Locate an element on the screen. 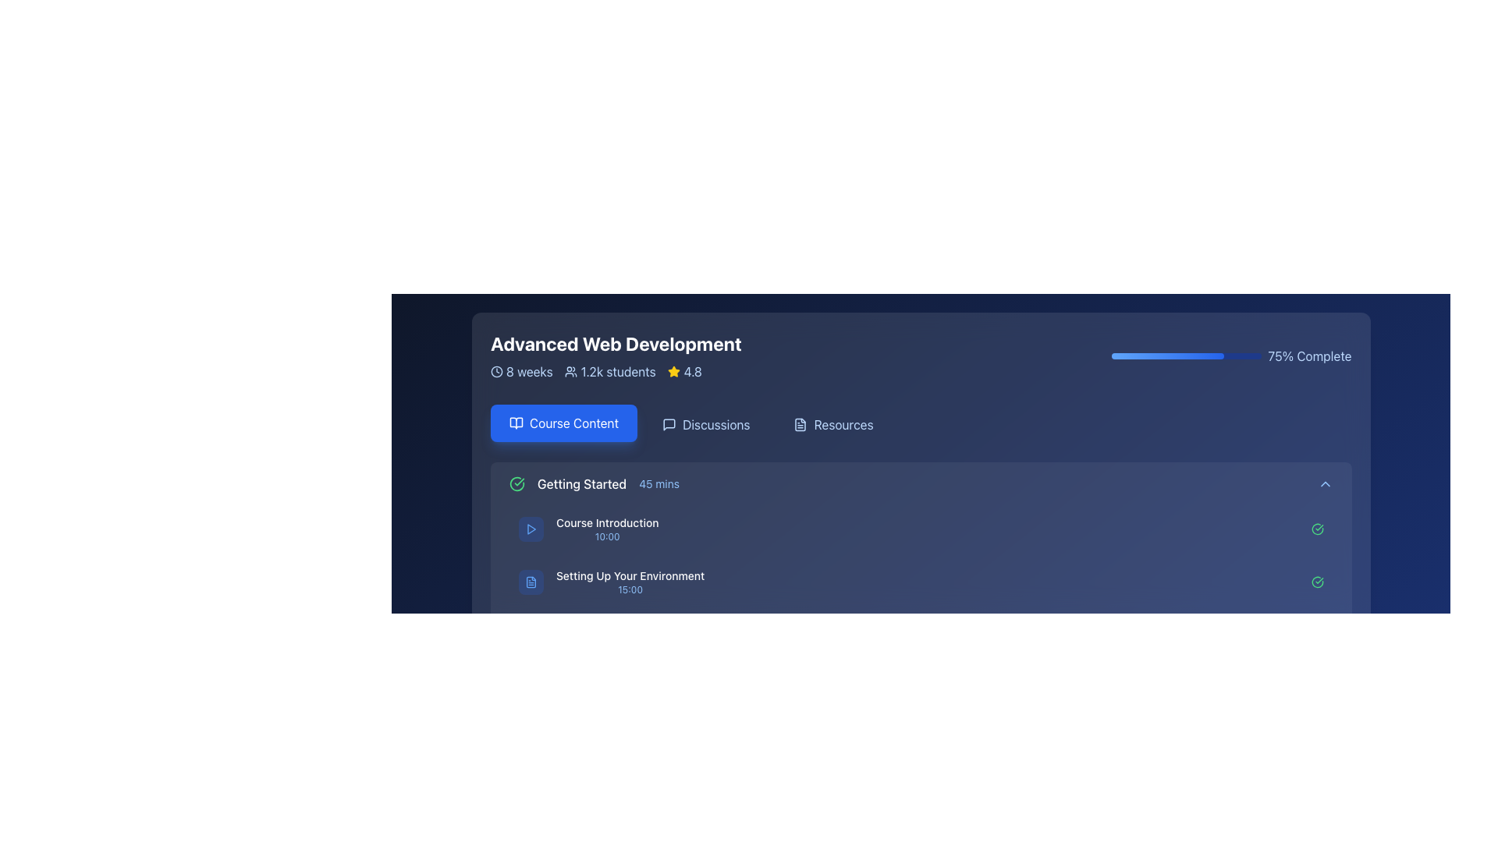  the 'Resources' button associated with the icon that visually represents the 'Resources' section, located in the horizontal navigation menu at the top of the interface is located at coordinates (800, 424).